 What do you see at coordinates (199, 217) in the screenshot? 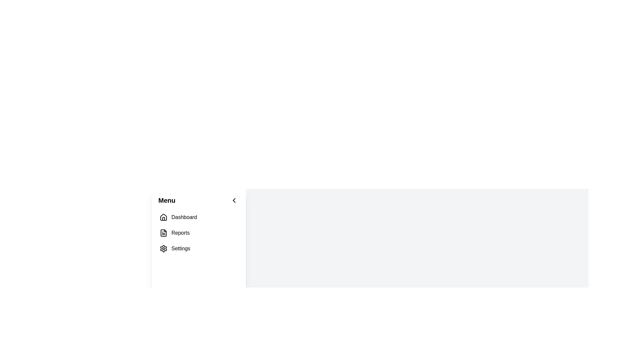
I see `the first item in the left-side navigation menu` at bounding box center [199, 217].